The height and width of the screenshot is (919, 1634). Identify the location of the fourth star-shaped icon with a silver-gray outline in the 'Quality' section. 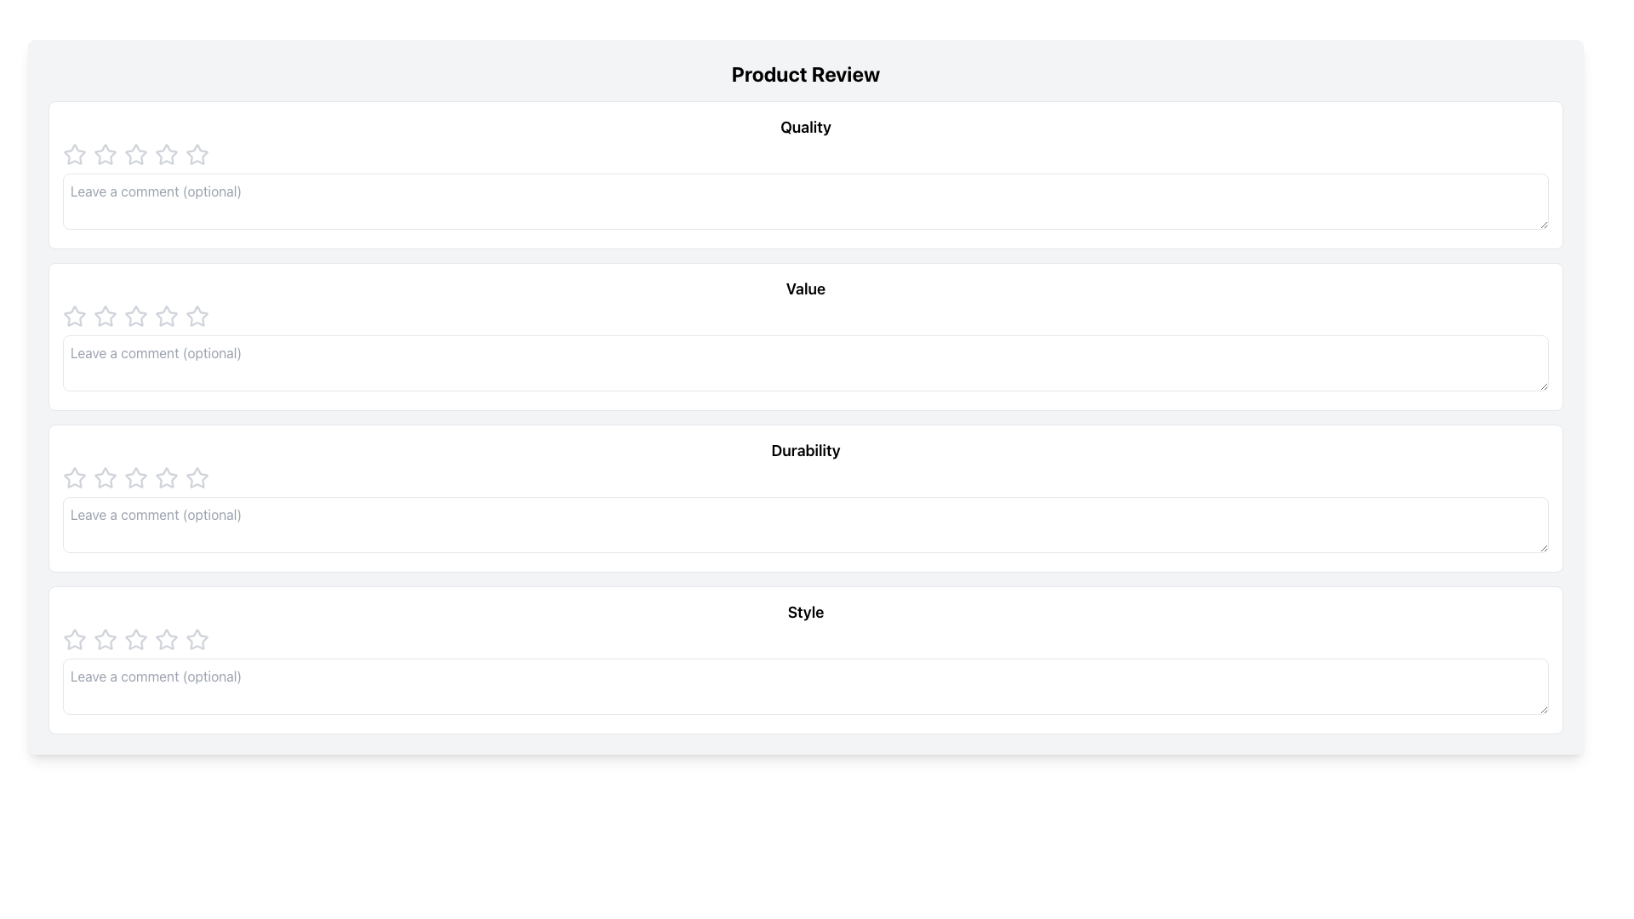
(134, 154).